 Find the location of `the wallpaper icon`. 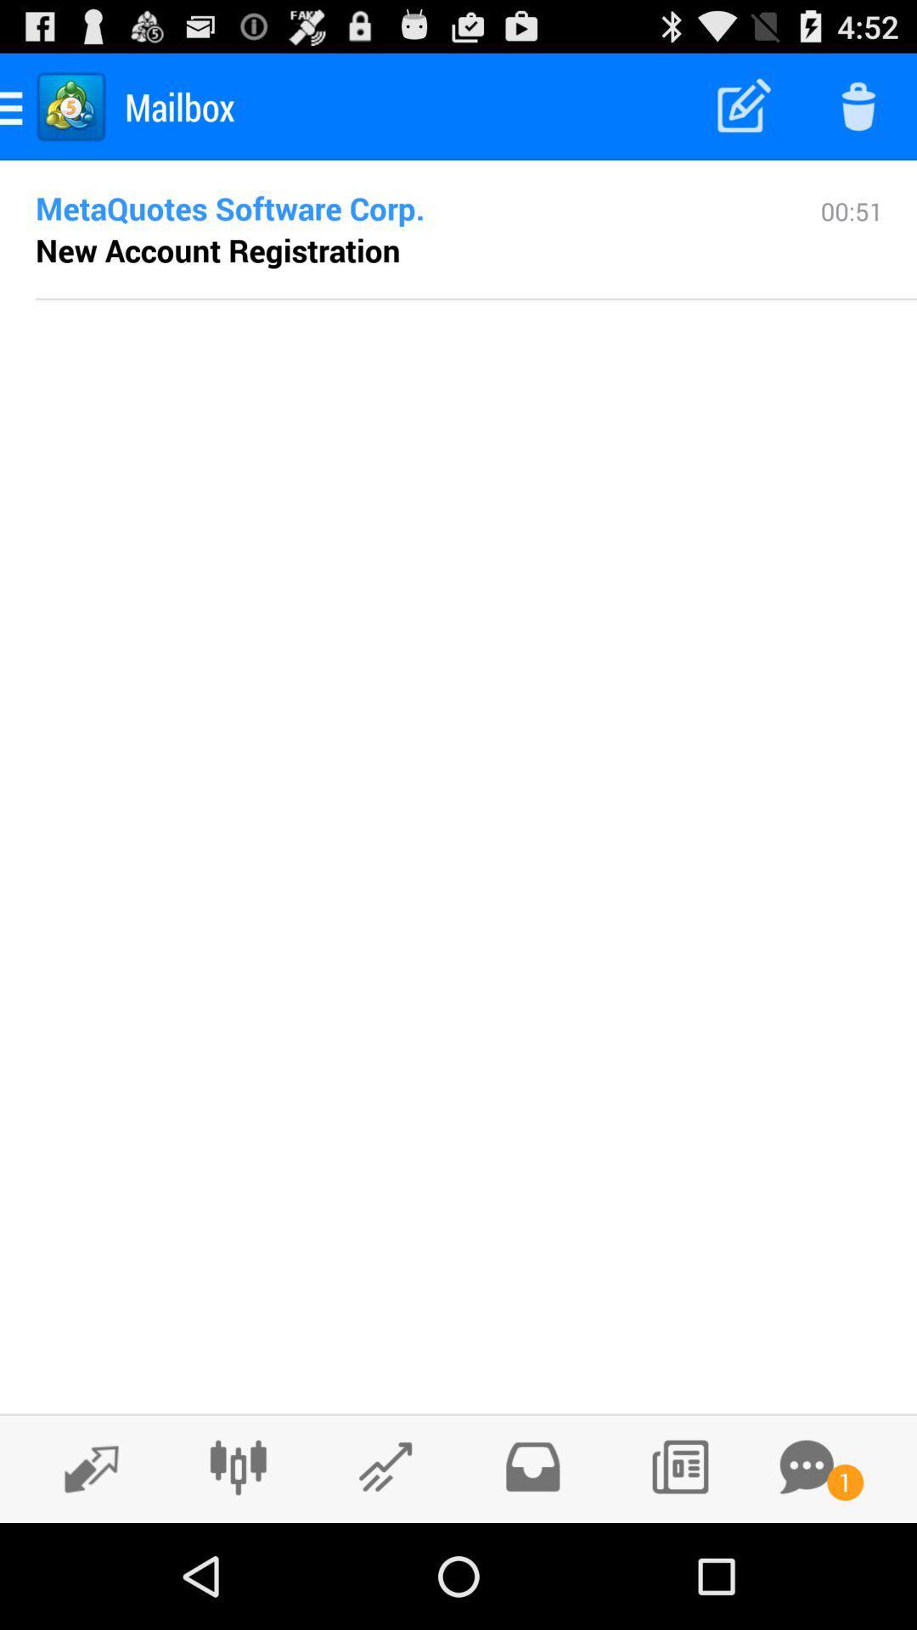

the wallpaper icon is located at coordinates (678, 1569).